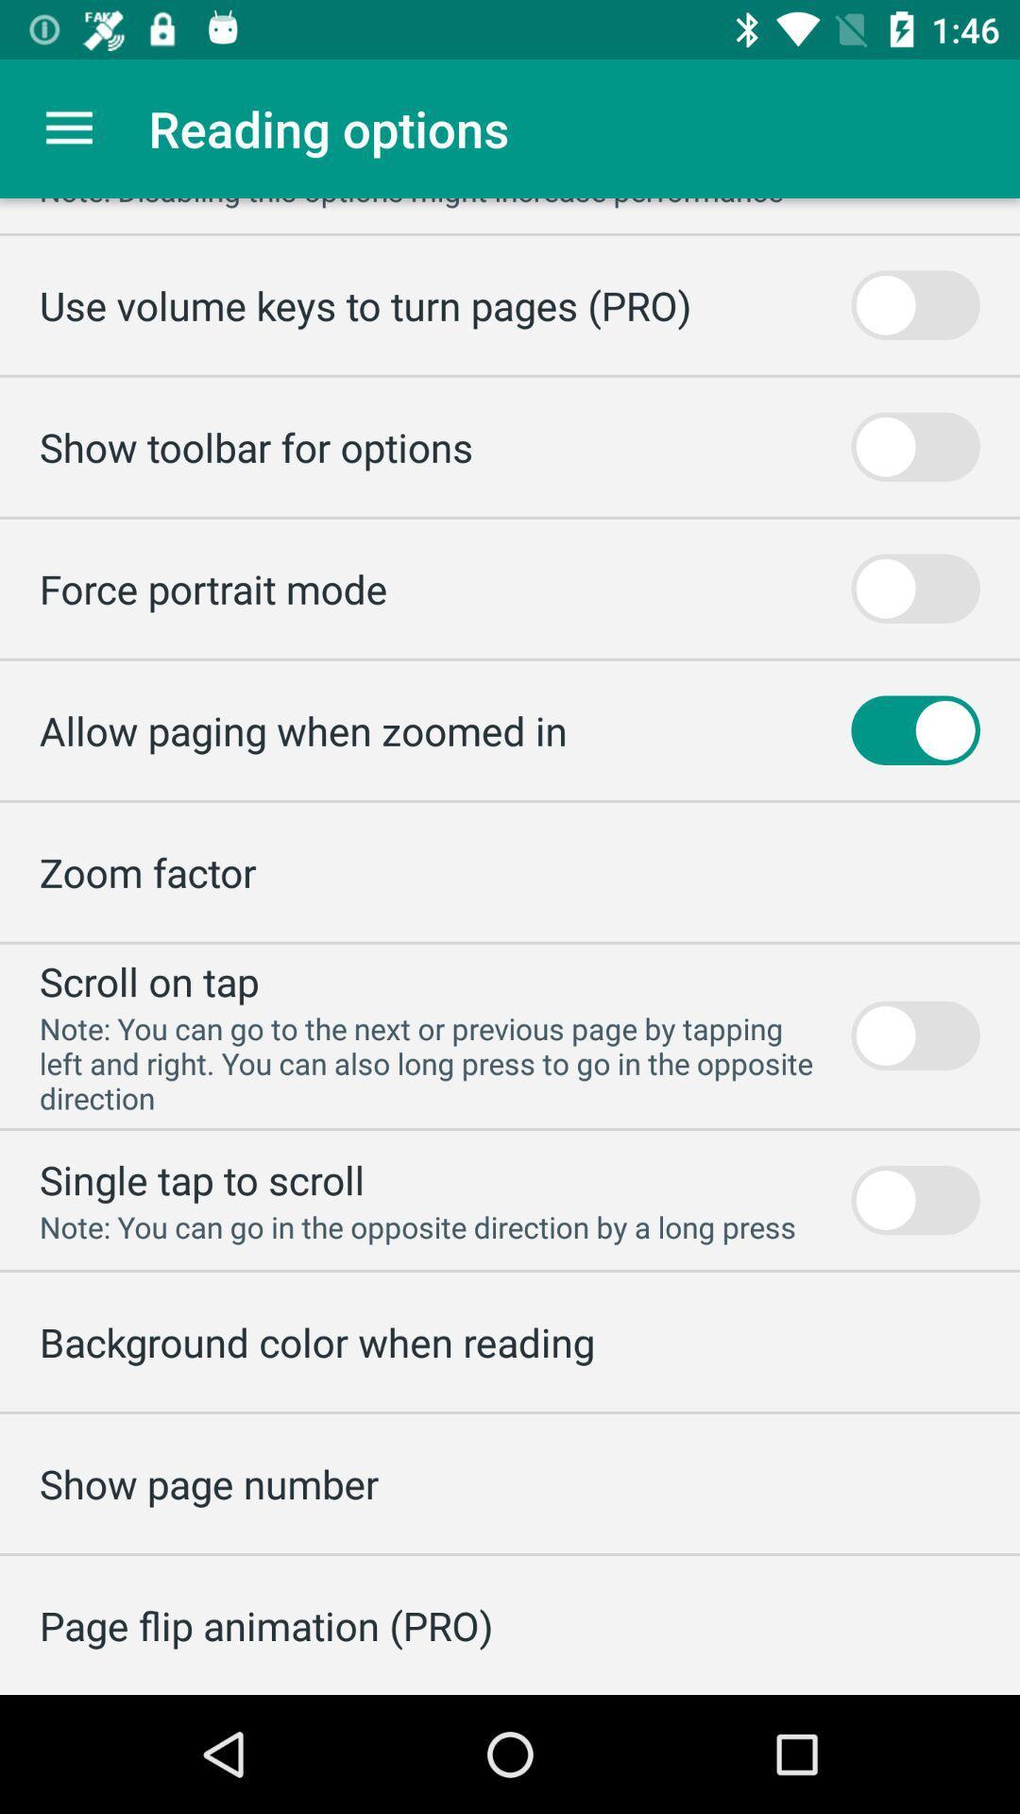  Describe the element at coordinates (365, 305) in the screenshot. I see `the use volume keys item` at that location.